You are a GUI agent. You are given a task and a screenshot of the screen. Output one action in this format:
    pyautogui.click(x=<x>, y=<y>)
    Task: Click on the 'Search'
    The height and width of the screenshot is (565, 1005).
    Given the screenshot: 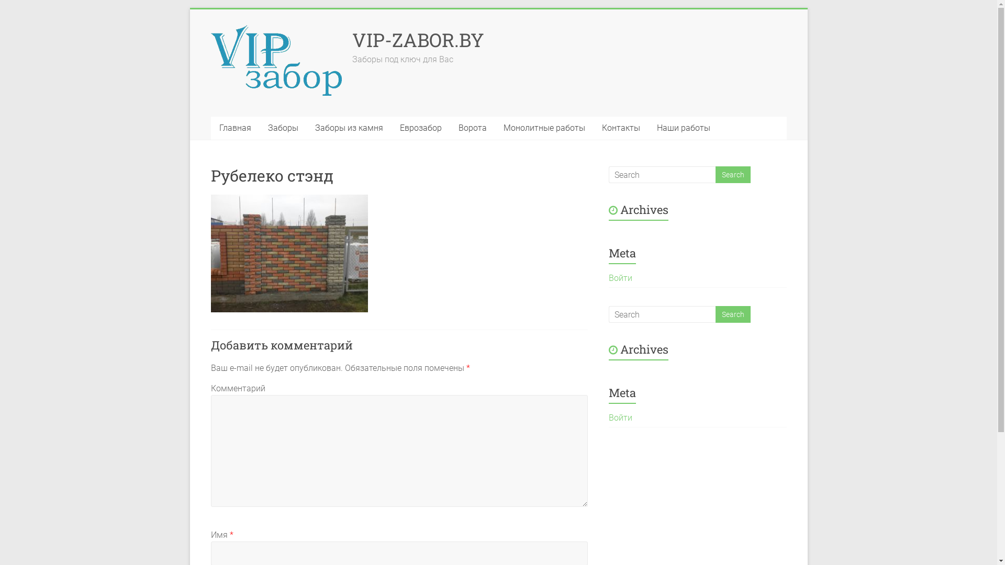 What is the action you would take?
    pyautogui.click(x=732, y=174)
    